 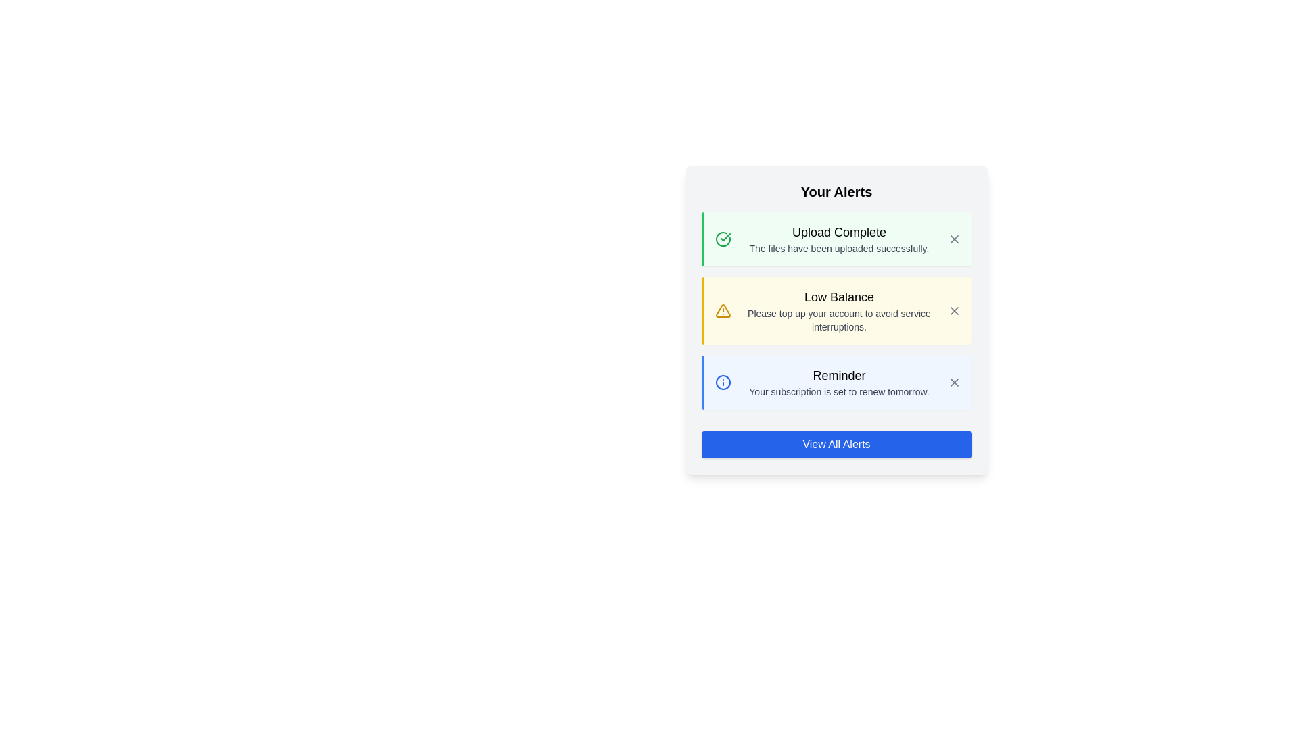 I want to click on the close button located at the top-right corner of the 'Low Balance' notification box to potentially open a context menu, so click(x=953, y=310).